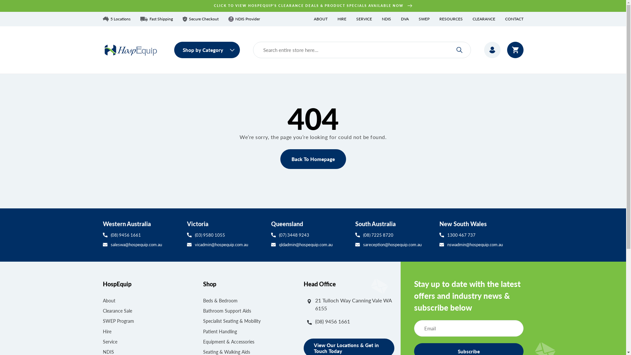  Describe the element at coordinates (514, 18) in the screenshot. I see `'CONTACT'` at that location.